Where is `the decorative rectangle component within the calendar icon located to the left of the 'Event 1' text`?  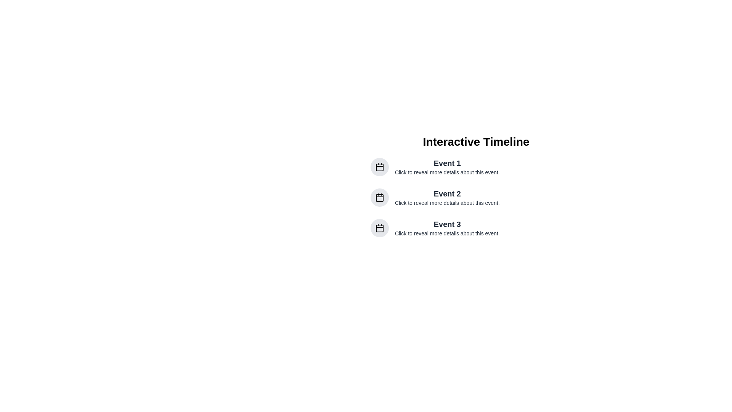 the decorative rectangle component within the calendar icon located to the left of the 'Event 1' text is located at coordinates (380, 167).